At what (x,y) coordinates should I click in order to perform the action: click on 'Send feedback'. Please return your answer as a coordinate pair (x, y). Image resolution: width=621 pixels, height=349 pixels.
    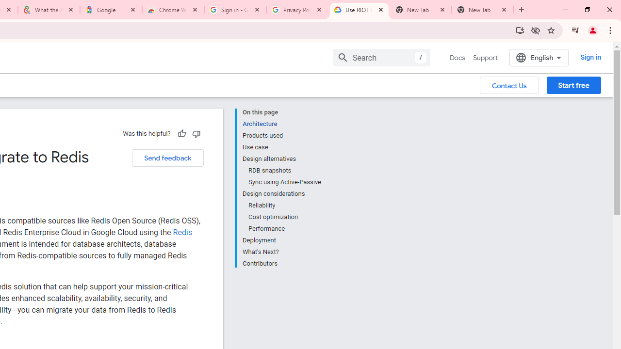
    Looking at the image, I should click on (167, 158).